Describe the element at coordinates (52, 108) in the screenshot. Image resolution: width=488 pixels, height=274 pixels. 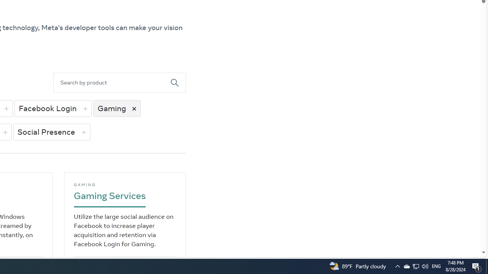
I see `'Facebook Login'` at that location.